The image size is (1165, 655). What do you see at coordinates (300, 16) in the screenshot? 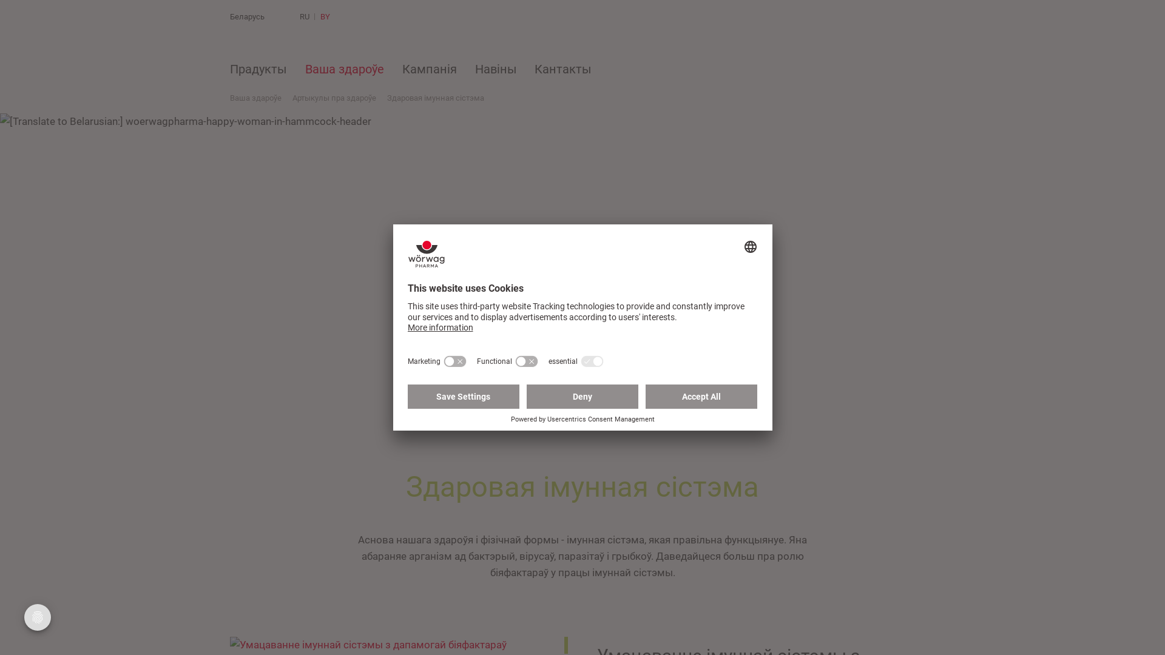
I see `'RU'` at bounding box center [300, 16].